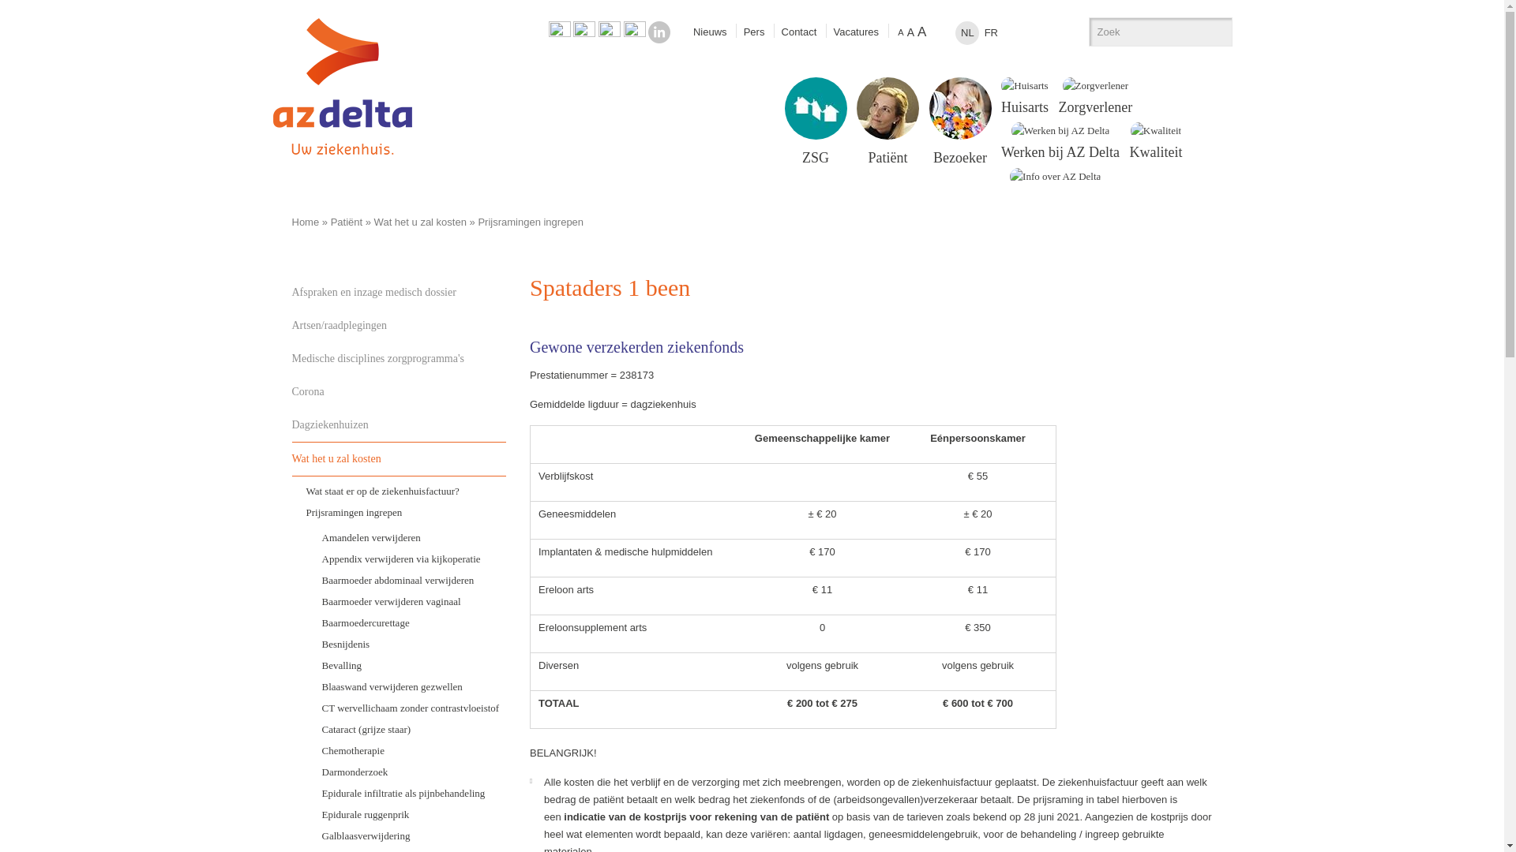 This screenshot has height=852, width=1516. Describe the element at coordinates (1156, 140) in the screenshot. I see `'Kwaliteit'` at that location.